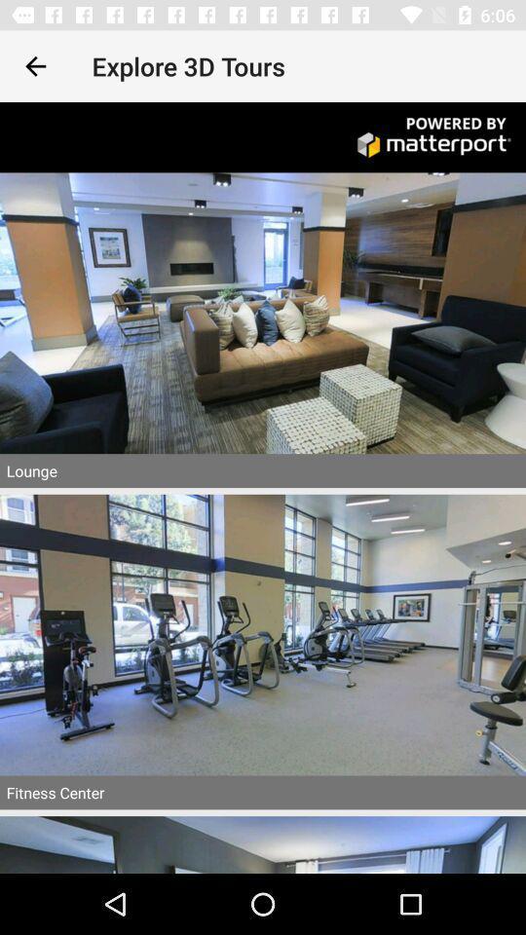  Describe the element at coordinates (35, 66) in the screenshot. I see `the item to the left of the explore 3d tours icon` at that location.